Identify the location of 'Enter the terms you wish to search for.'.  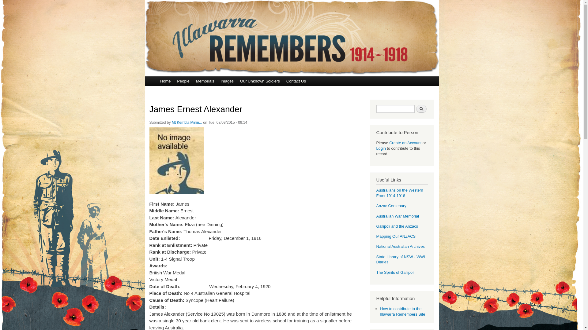
(395, 108).